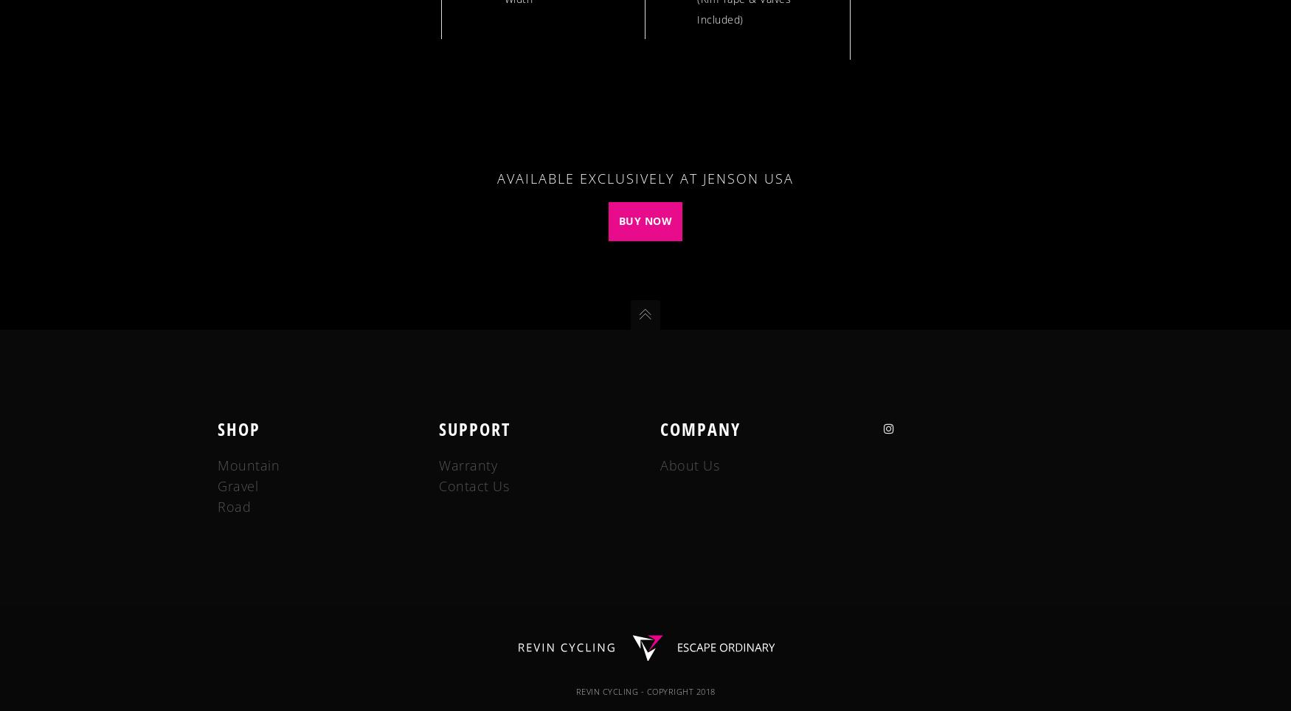  I want to click on 'SHOP', so click(238, 427).